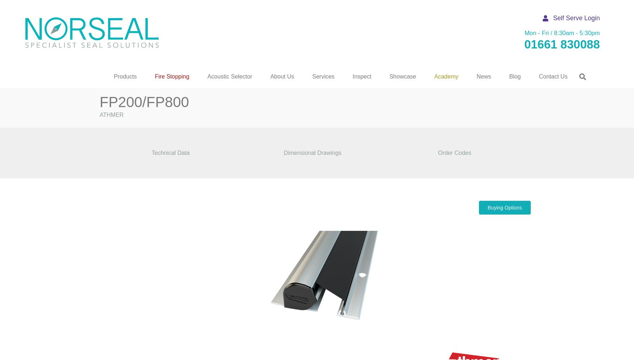 This screenshot has width=634, height=360. I want to click on 'Acoustic Seals', so click(263, 155).